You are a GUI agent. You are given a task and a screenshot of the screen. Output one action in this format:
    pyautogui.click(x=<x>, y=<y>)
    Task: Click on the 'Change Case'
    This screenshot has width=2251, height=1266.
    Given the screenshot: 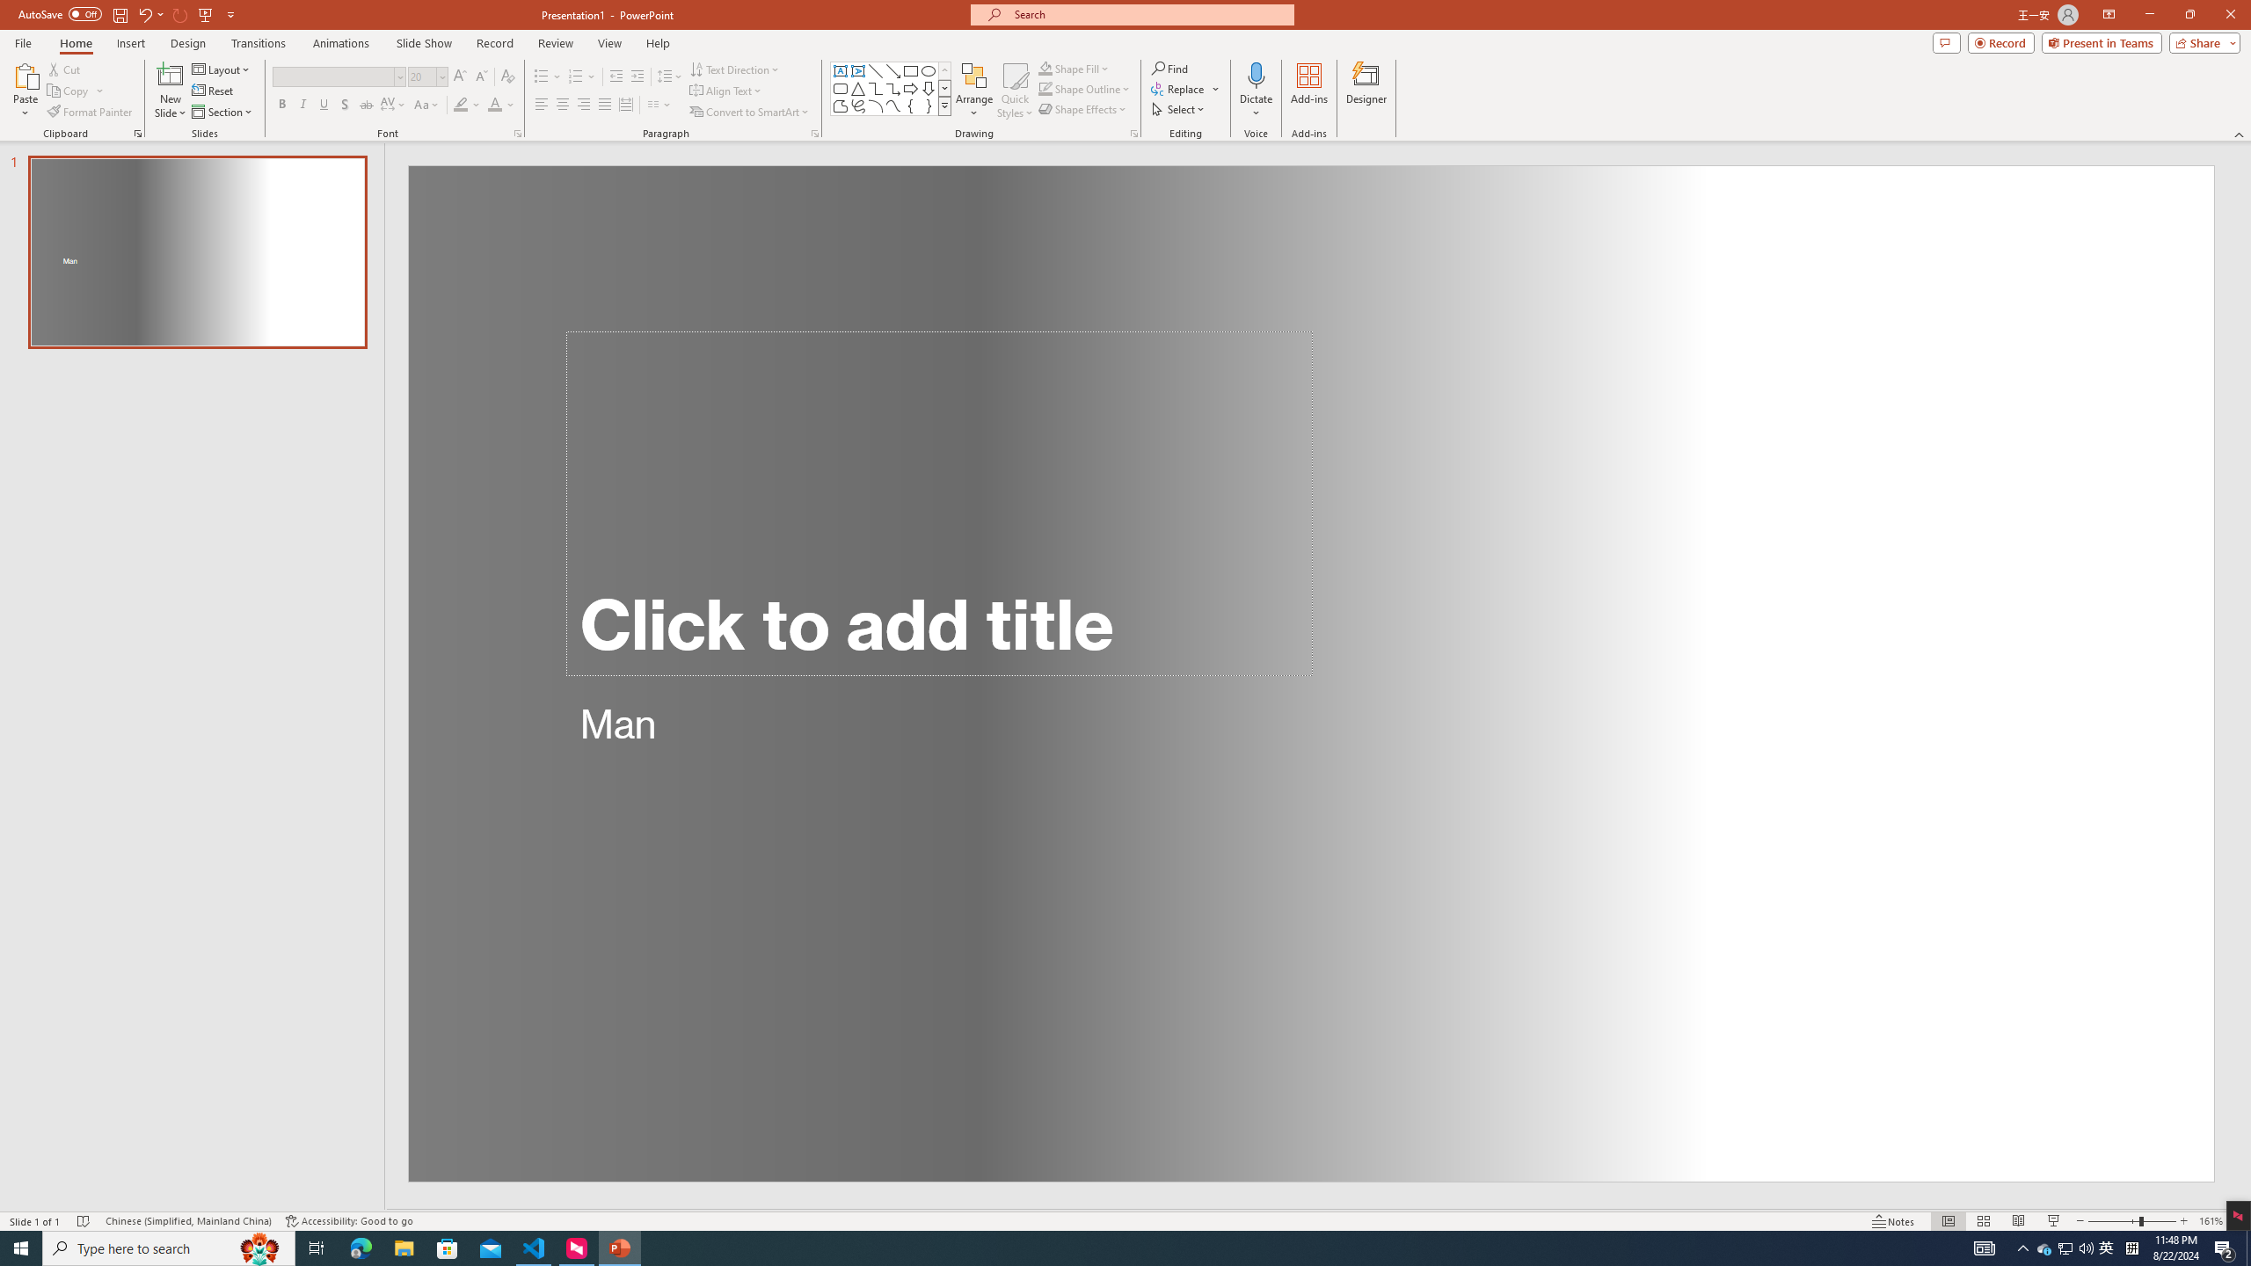 What is the action you would take?
    pyautogui.click(x=426, y=104)
    